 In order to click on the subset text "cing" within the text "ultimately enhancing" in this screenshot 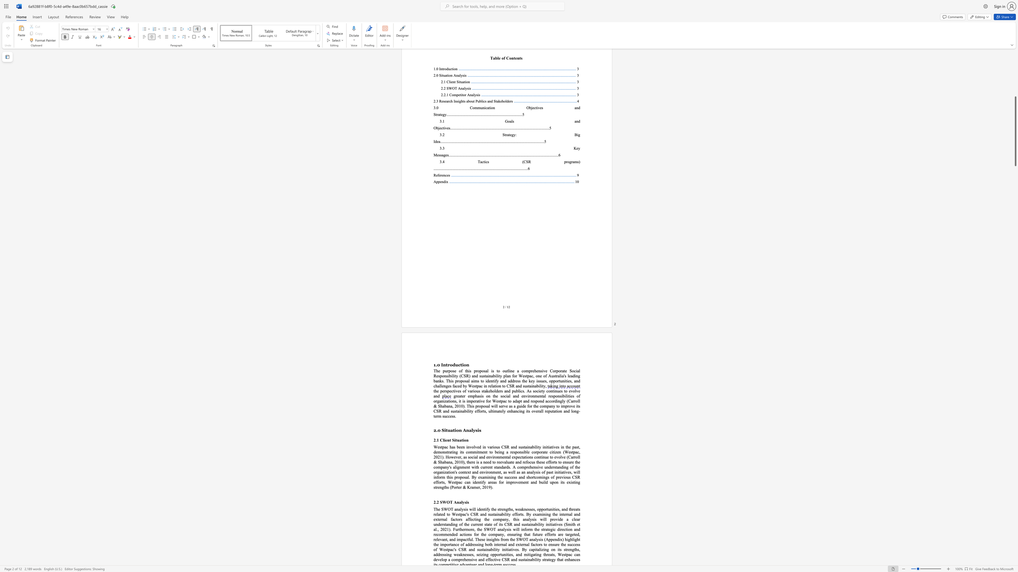, I will do `click(517, 411)`.